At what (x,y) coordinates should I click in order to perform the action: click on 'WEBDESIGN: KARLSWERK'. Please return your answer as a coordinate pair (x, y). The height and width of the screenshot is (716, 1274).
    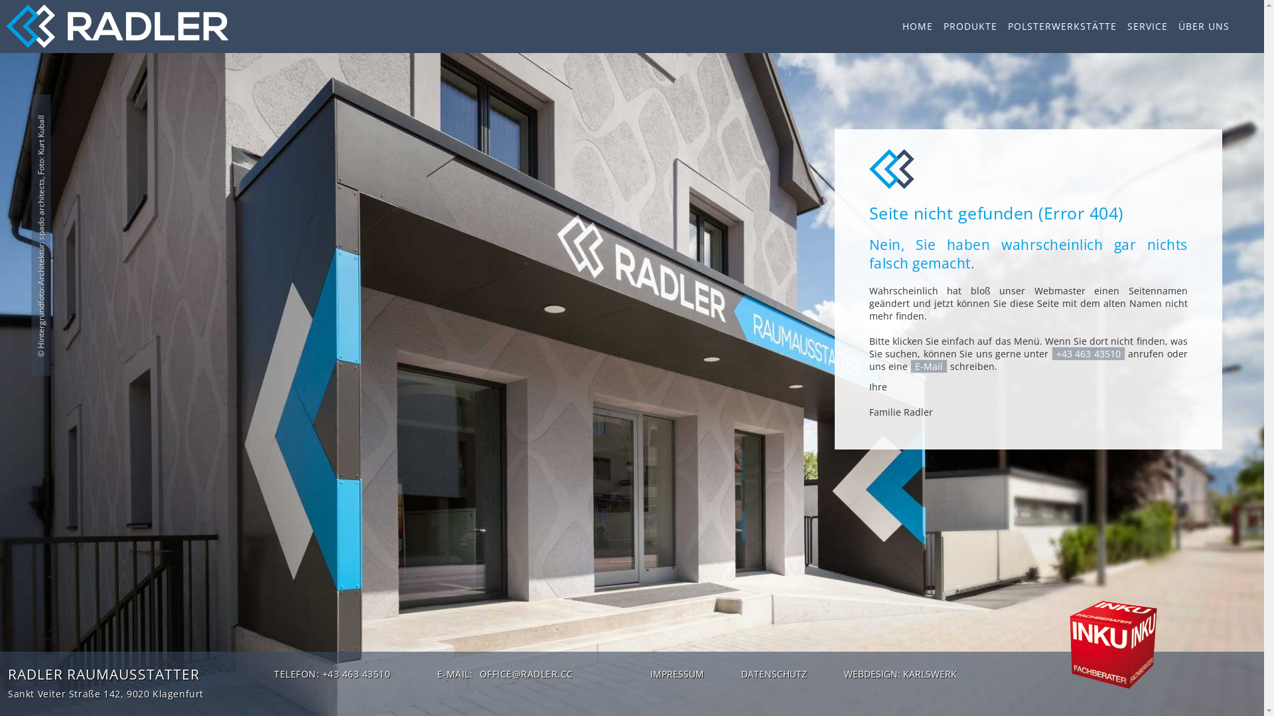
    Looking at the image, I should click on (900, 674).